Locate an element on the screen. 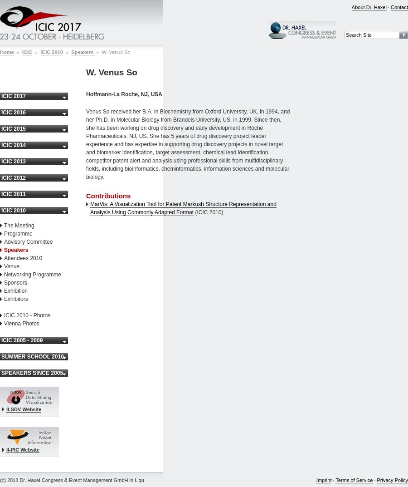 Image resolution: width=408 pixels, height=487 pixels. 'Networking Programme' is located at coordinates (32, 274).